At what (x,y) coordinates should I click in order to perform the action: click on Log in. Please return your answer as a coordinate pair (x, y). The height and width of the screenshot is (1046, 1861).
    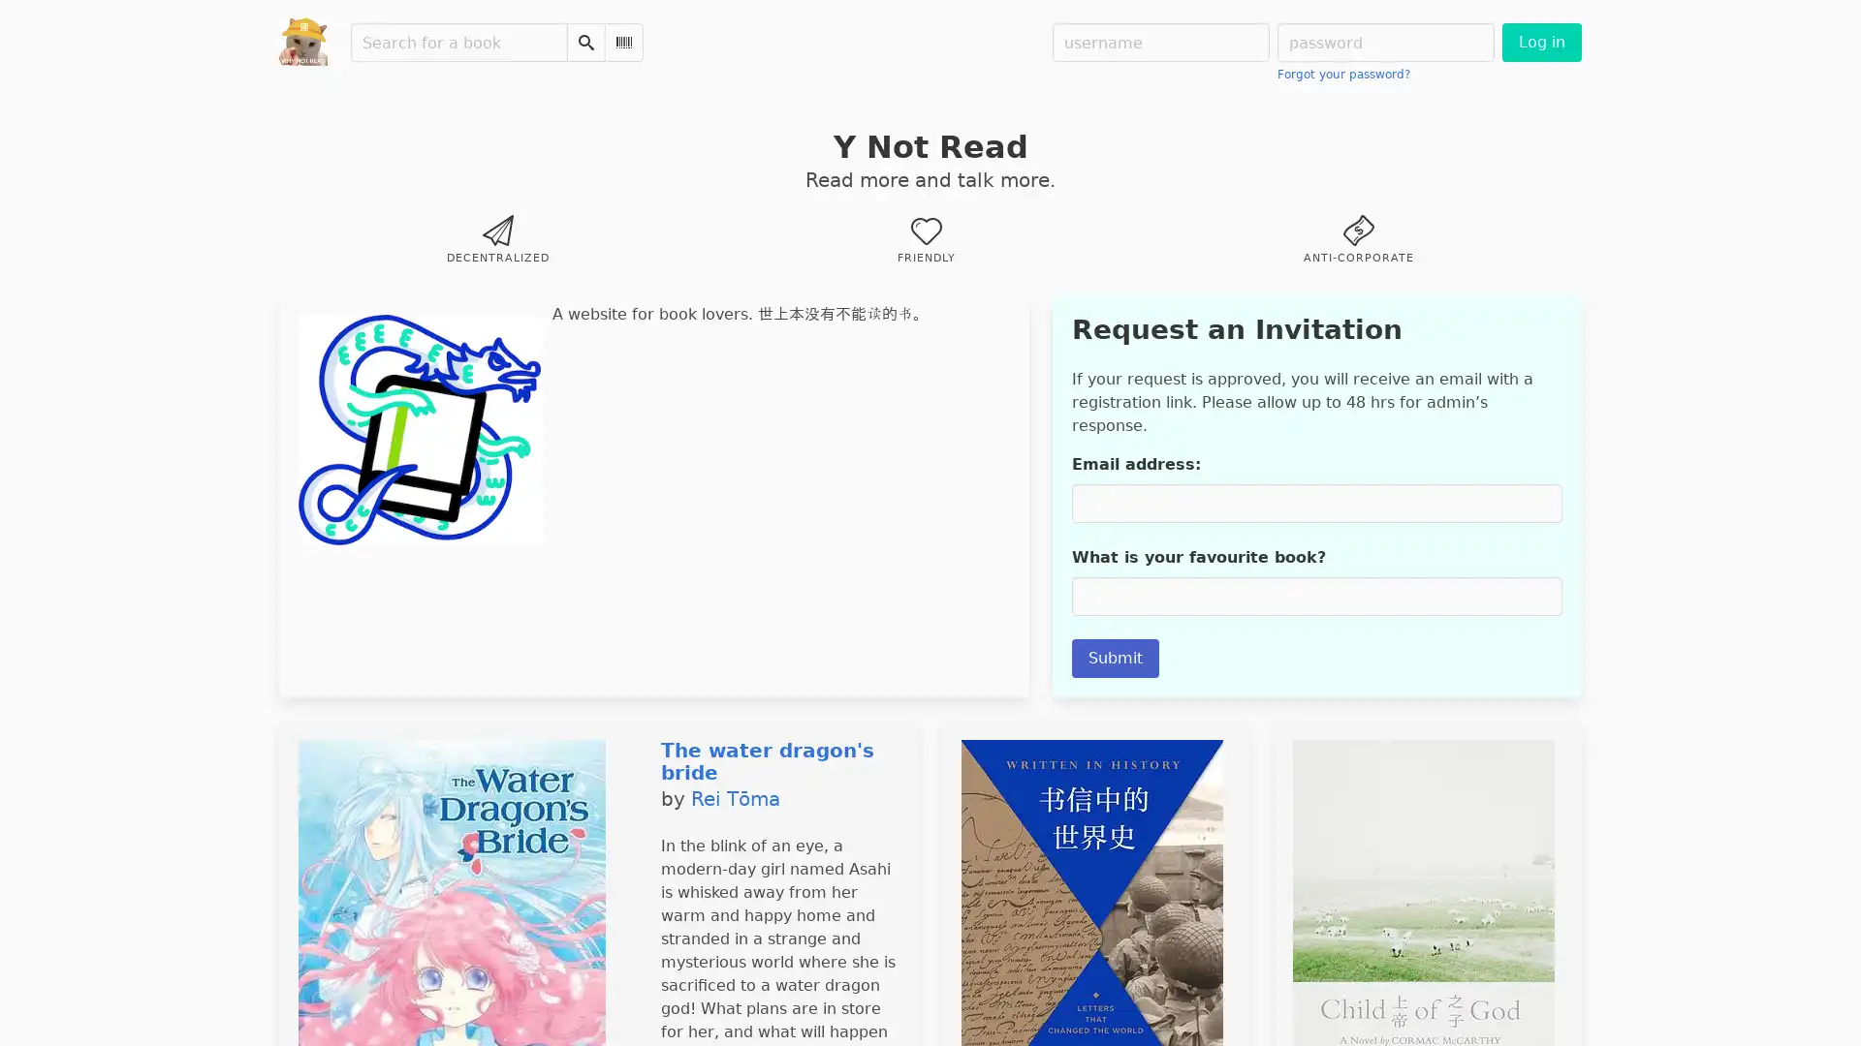
    Looking at the image, I should click on (1540, 42).